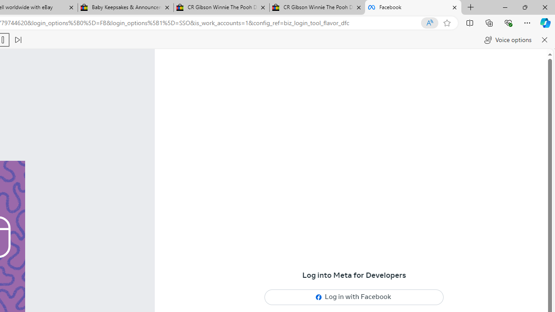 The image size is (555, 312). Describe the element at coordinates (544, 40) in the screenshot. I see `'Close read aloud'` at that location.